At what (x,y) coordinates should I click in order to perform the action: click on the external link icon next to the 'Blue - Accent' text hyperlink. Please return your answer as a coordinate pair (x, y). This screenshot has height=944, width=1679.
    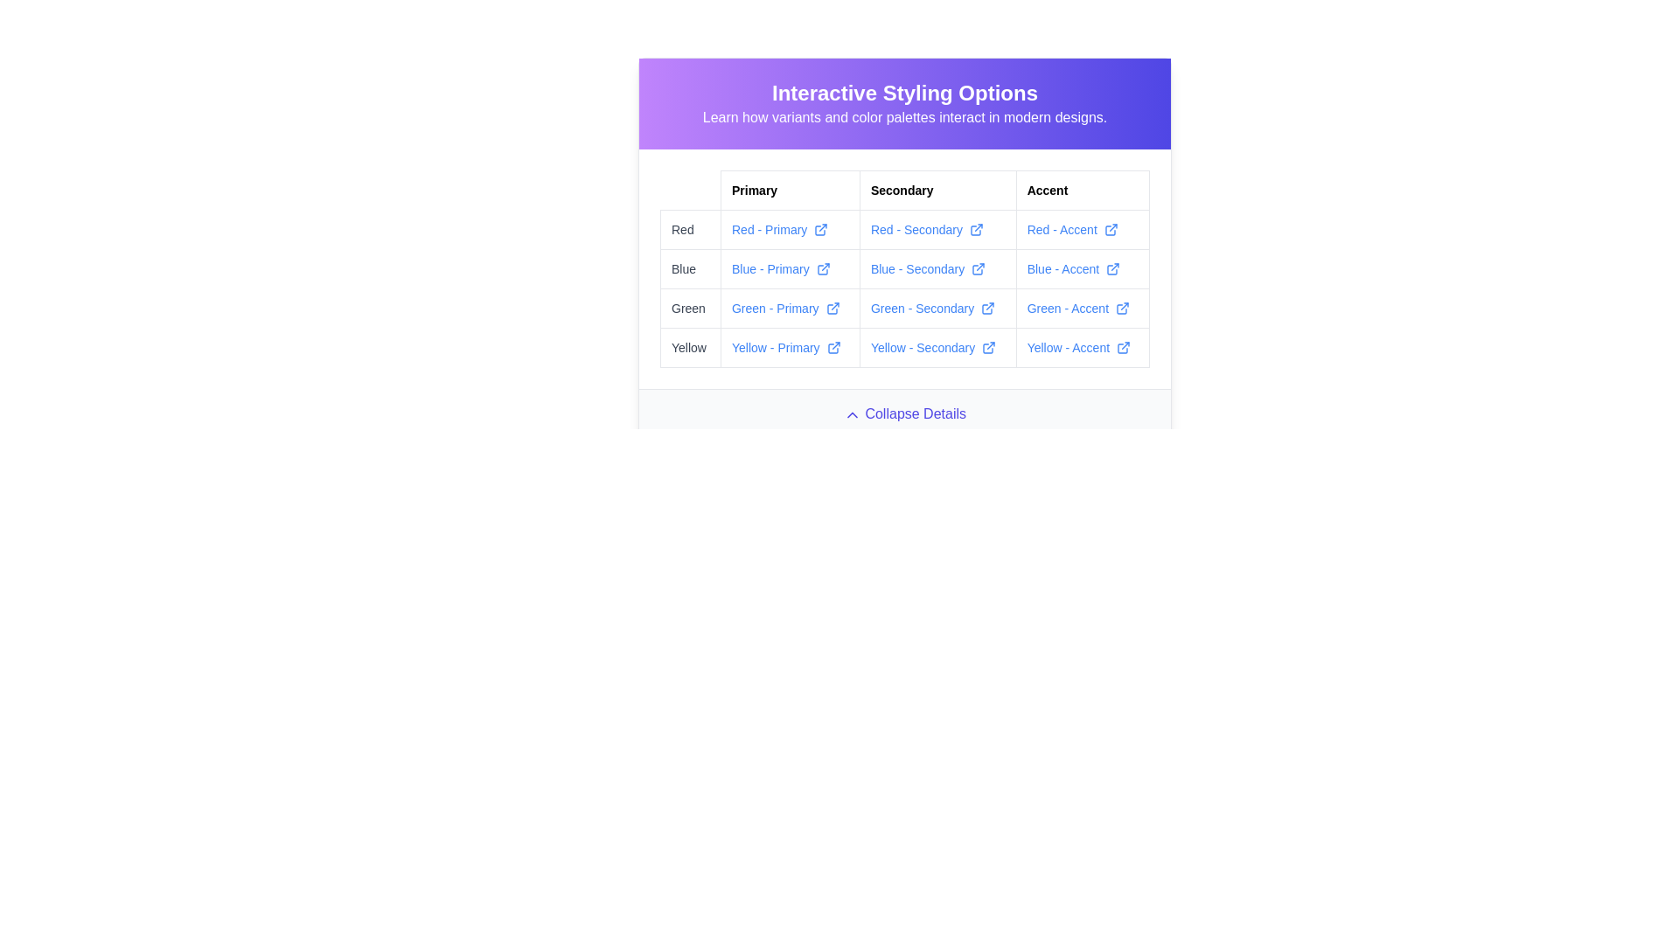
    Looking at the image, I should click on (1082, 269).